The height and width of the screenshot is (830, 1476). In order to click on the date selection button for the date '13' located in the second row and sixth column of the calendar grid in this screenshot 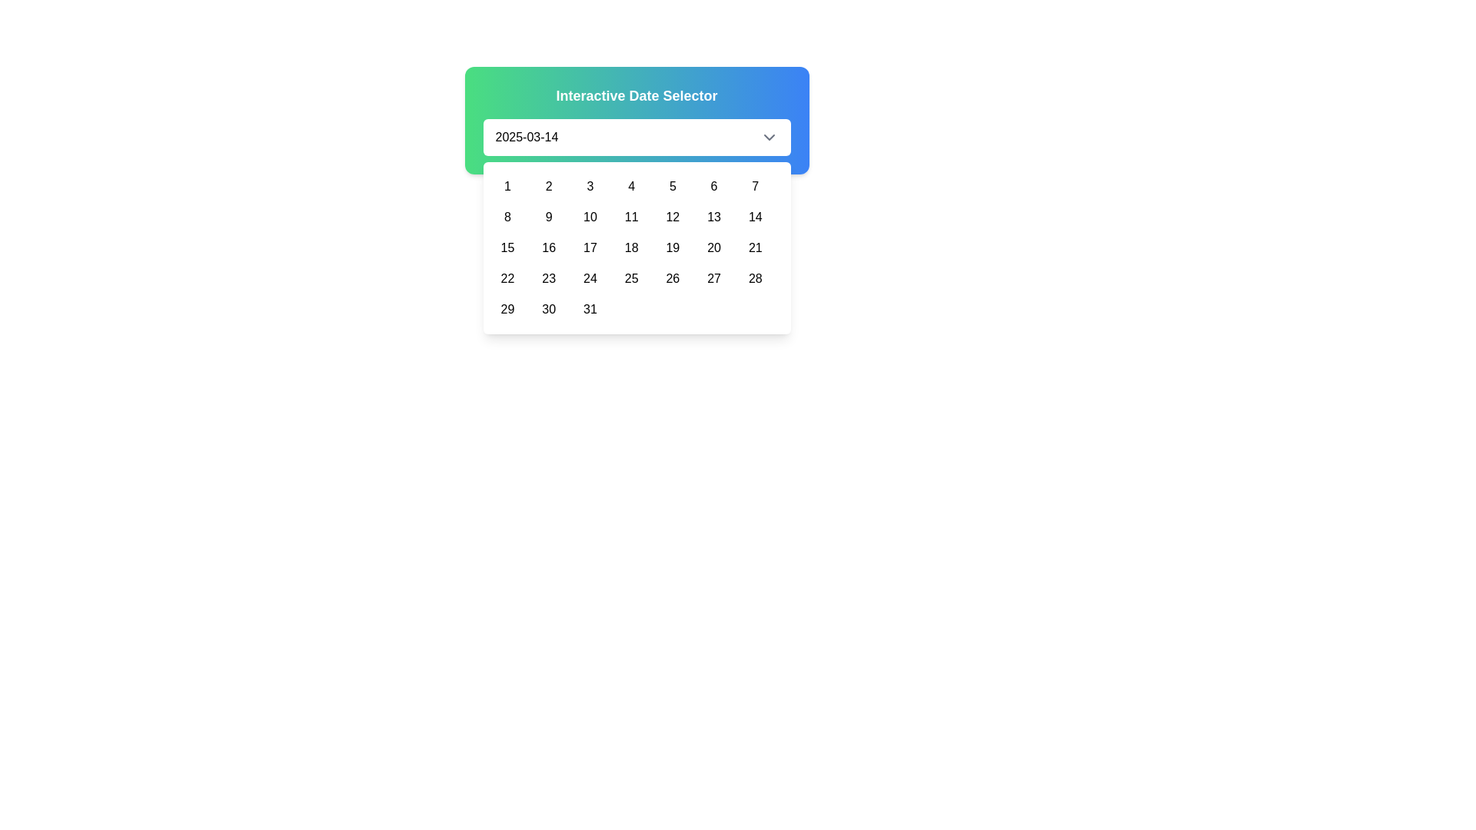, I will do `click(713, 217)`.